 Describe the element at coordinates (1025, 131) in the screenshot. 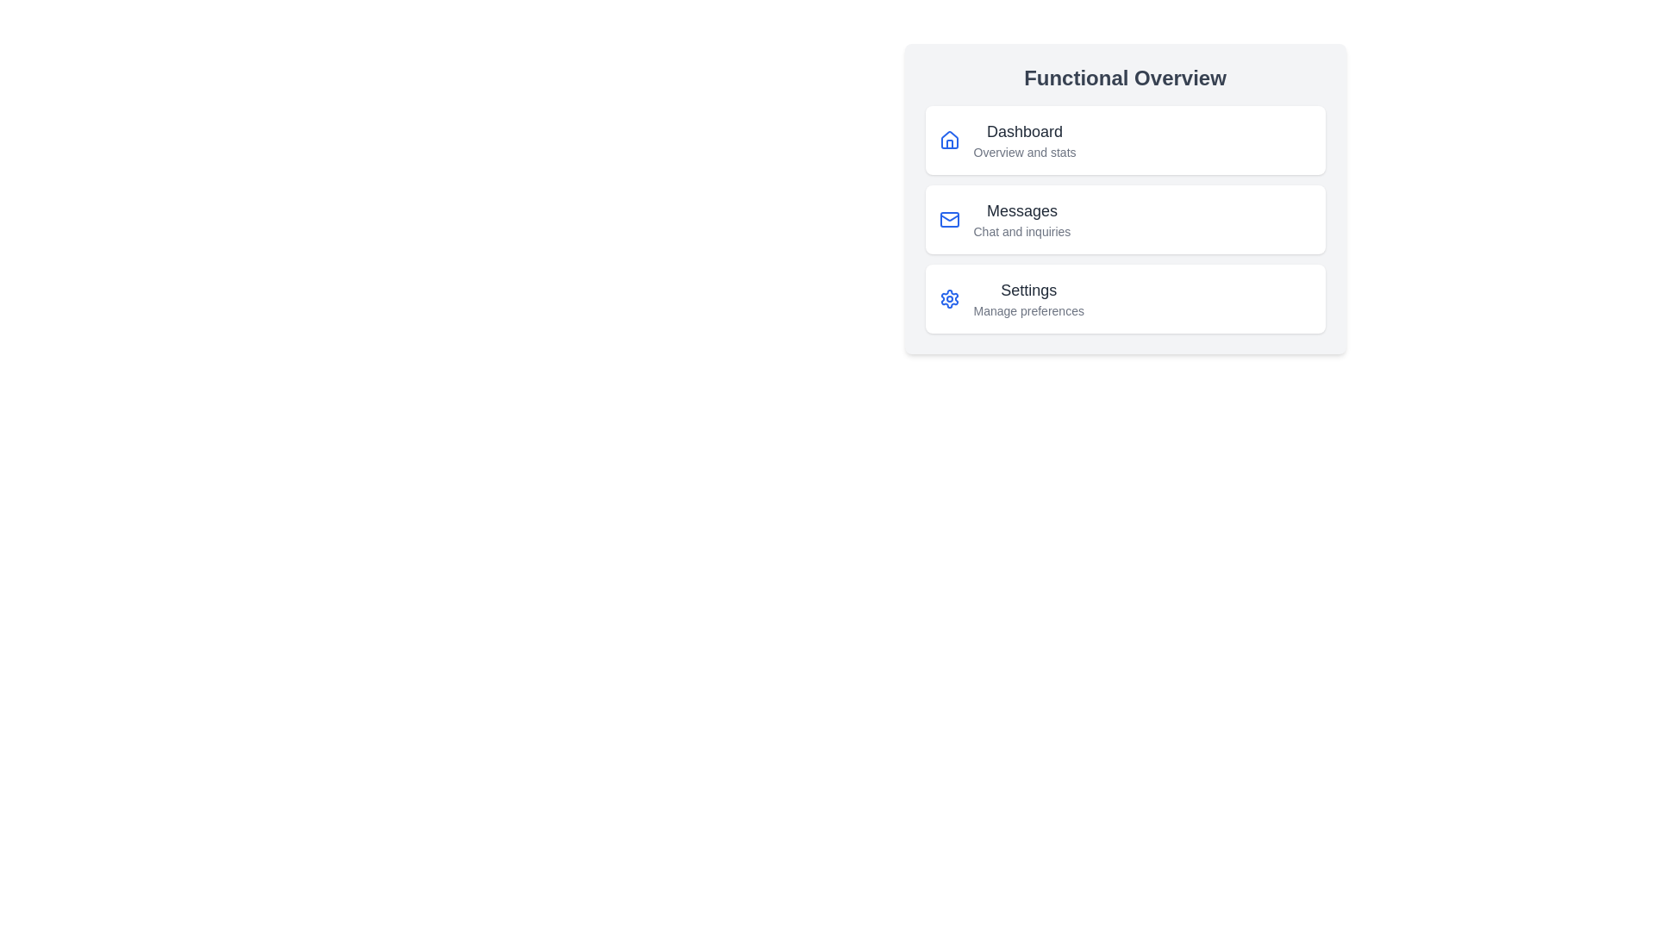

I see `the Static Text element displaying 'Dashboard' within the 'Functional Overview' card by moving the cursor to its center point` at that location.